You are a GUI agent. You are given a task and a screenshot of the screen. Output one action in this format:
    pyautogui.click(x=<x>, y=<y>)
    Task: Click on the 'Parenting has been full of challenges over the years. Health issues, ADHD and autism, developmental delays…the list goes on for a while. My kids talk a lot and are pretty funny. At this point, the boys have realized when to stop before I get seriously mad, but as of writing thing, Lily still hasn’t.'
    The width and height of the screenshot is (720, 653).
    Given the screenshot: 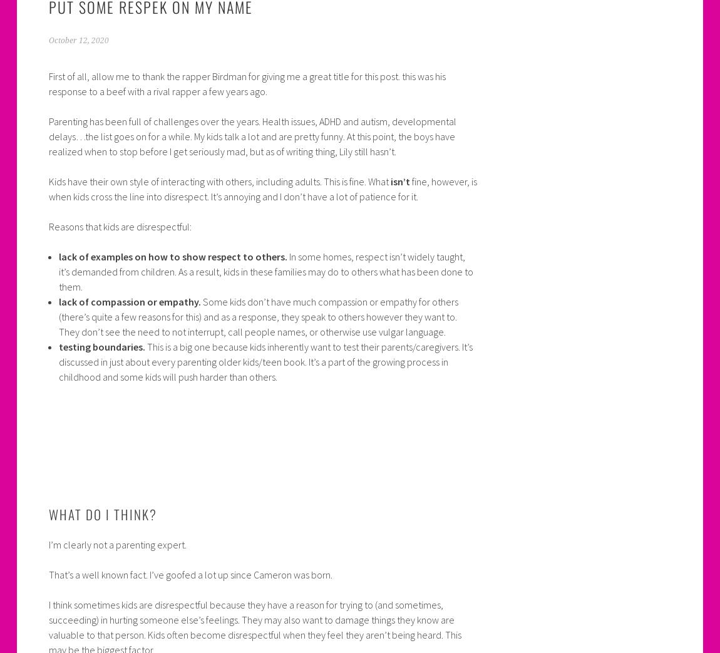 What is the action you would take?
    pyautogui.click(x=252, y=135)
    